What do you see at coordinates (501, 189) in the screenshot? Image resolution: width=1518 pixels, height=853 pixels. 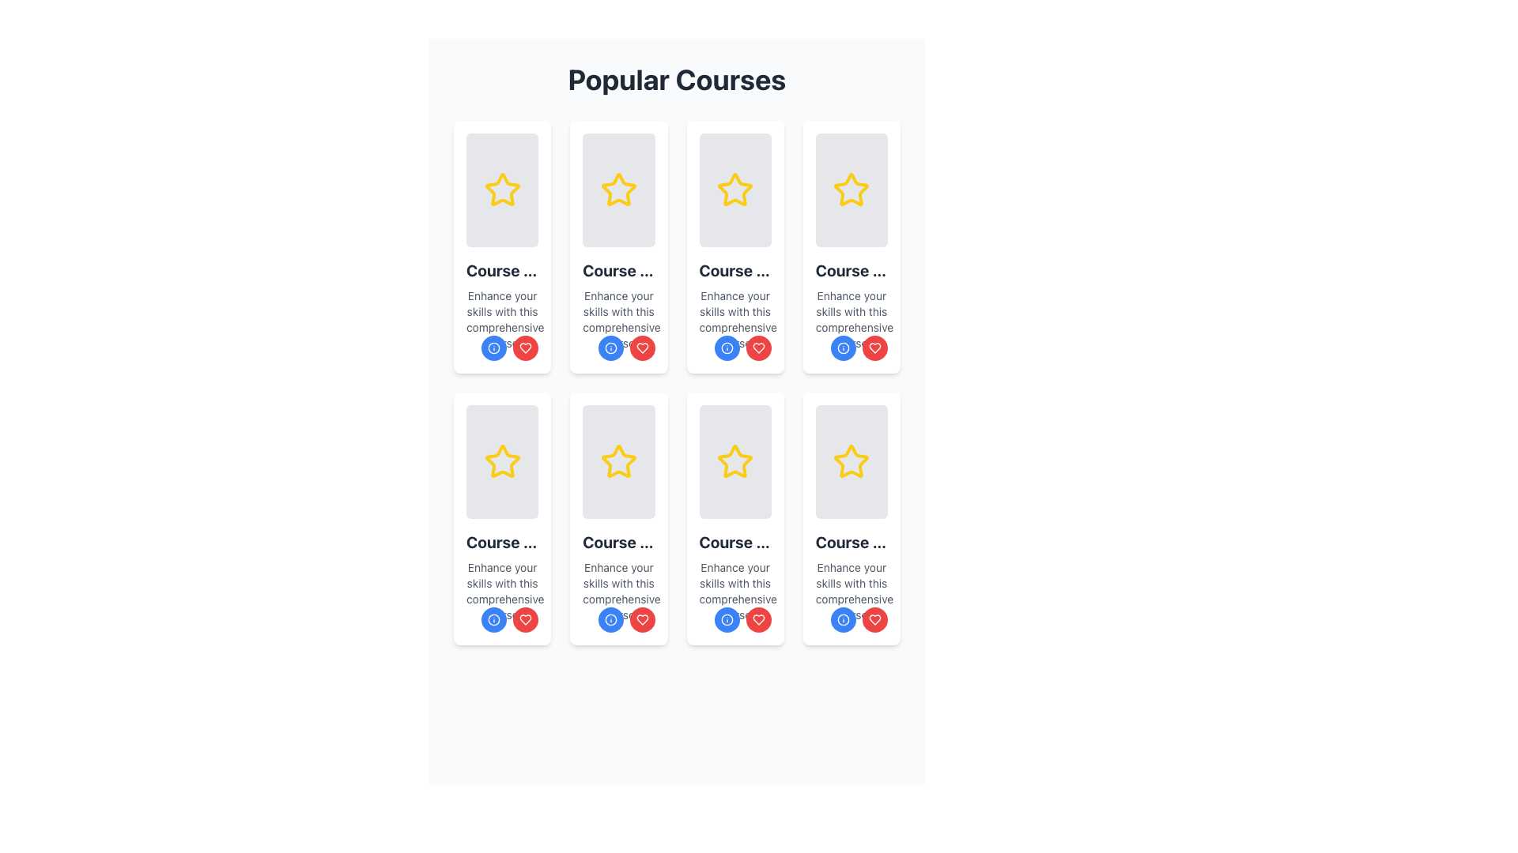 I see `the star-shaped icon with a yellow border located in the first card of the grid layout, below the 'Popular Courses' header` at bounding box center [501, 189].